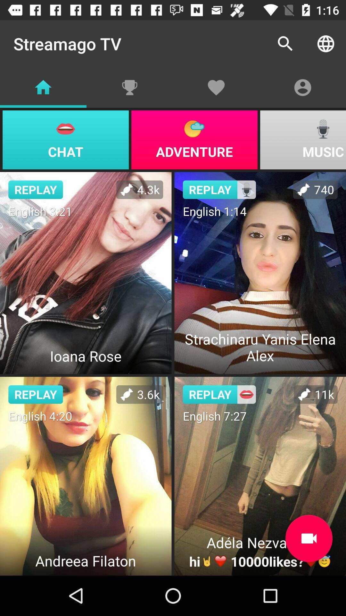 The width and height of the screenshot is (346, 616). Describe the element at coordinates (309, 538) in the screenshot. I see `the videocam icon` at that location.